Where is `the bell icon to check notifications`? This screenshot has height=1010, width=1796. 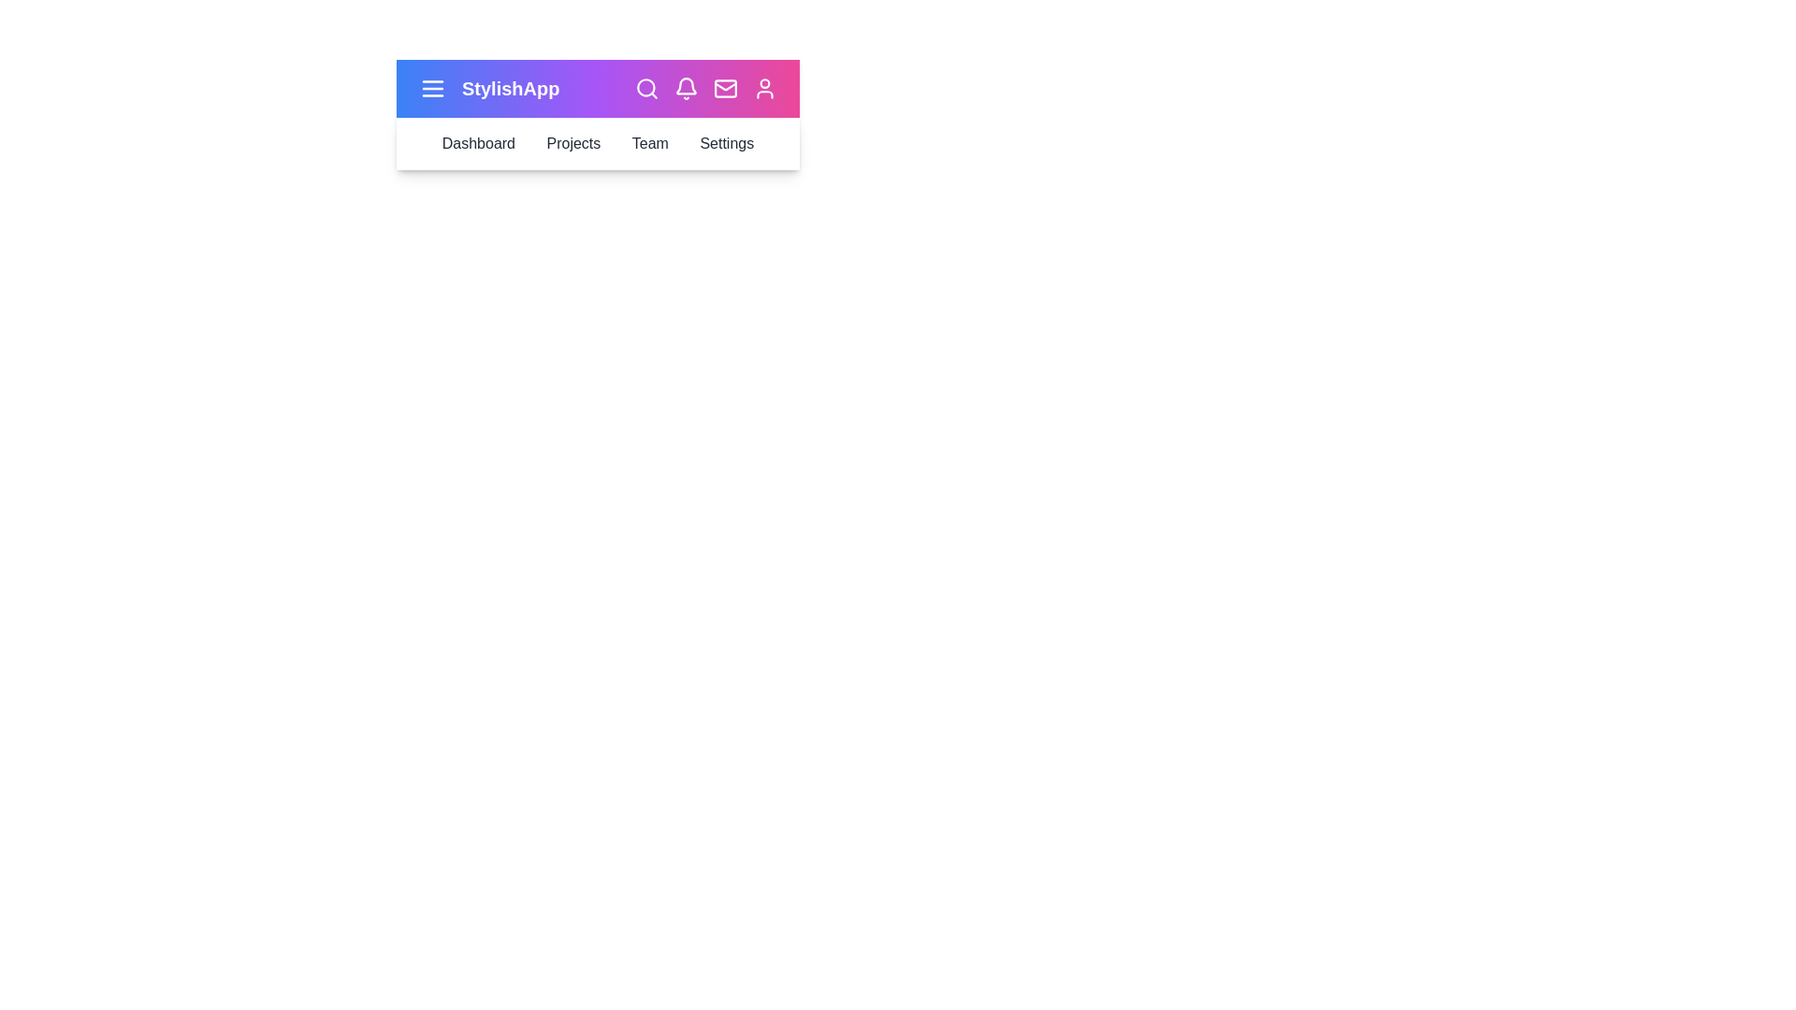
the bell icon to check notifications is located at coordinates (686, 89).